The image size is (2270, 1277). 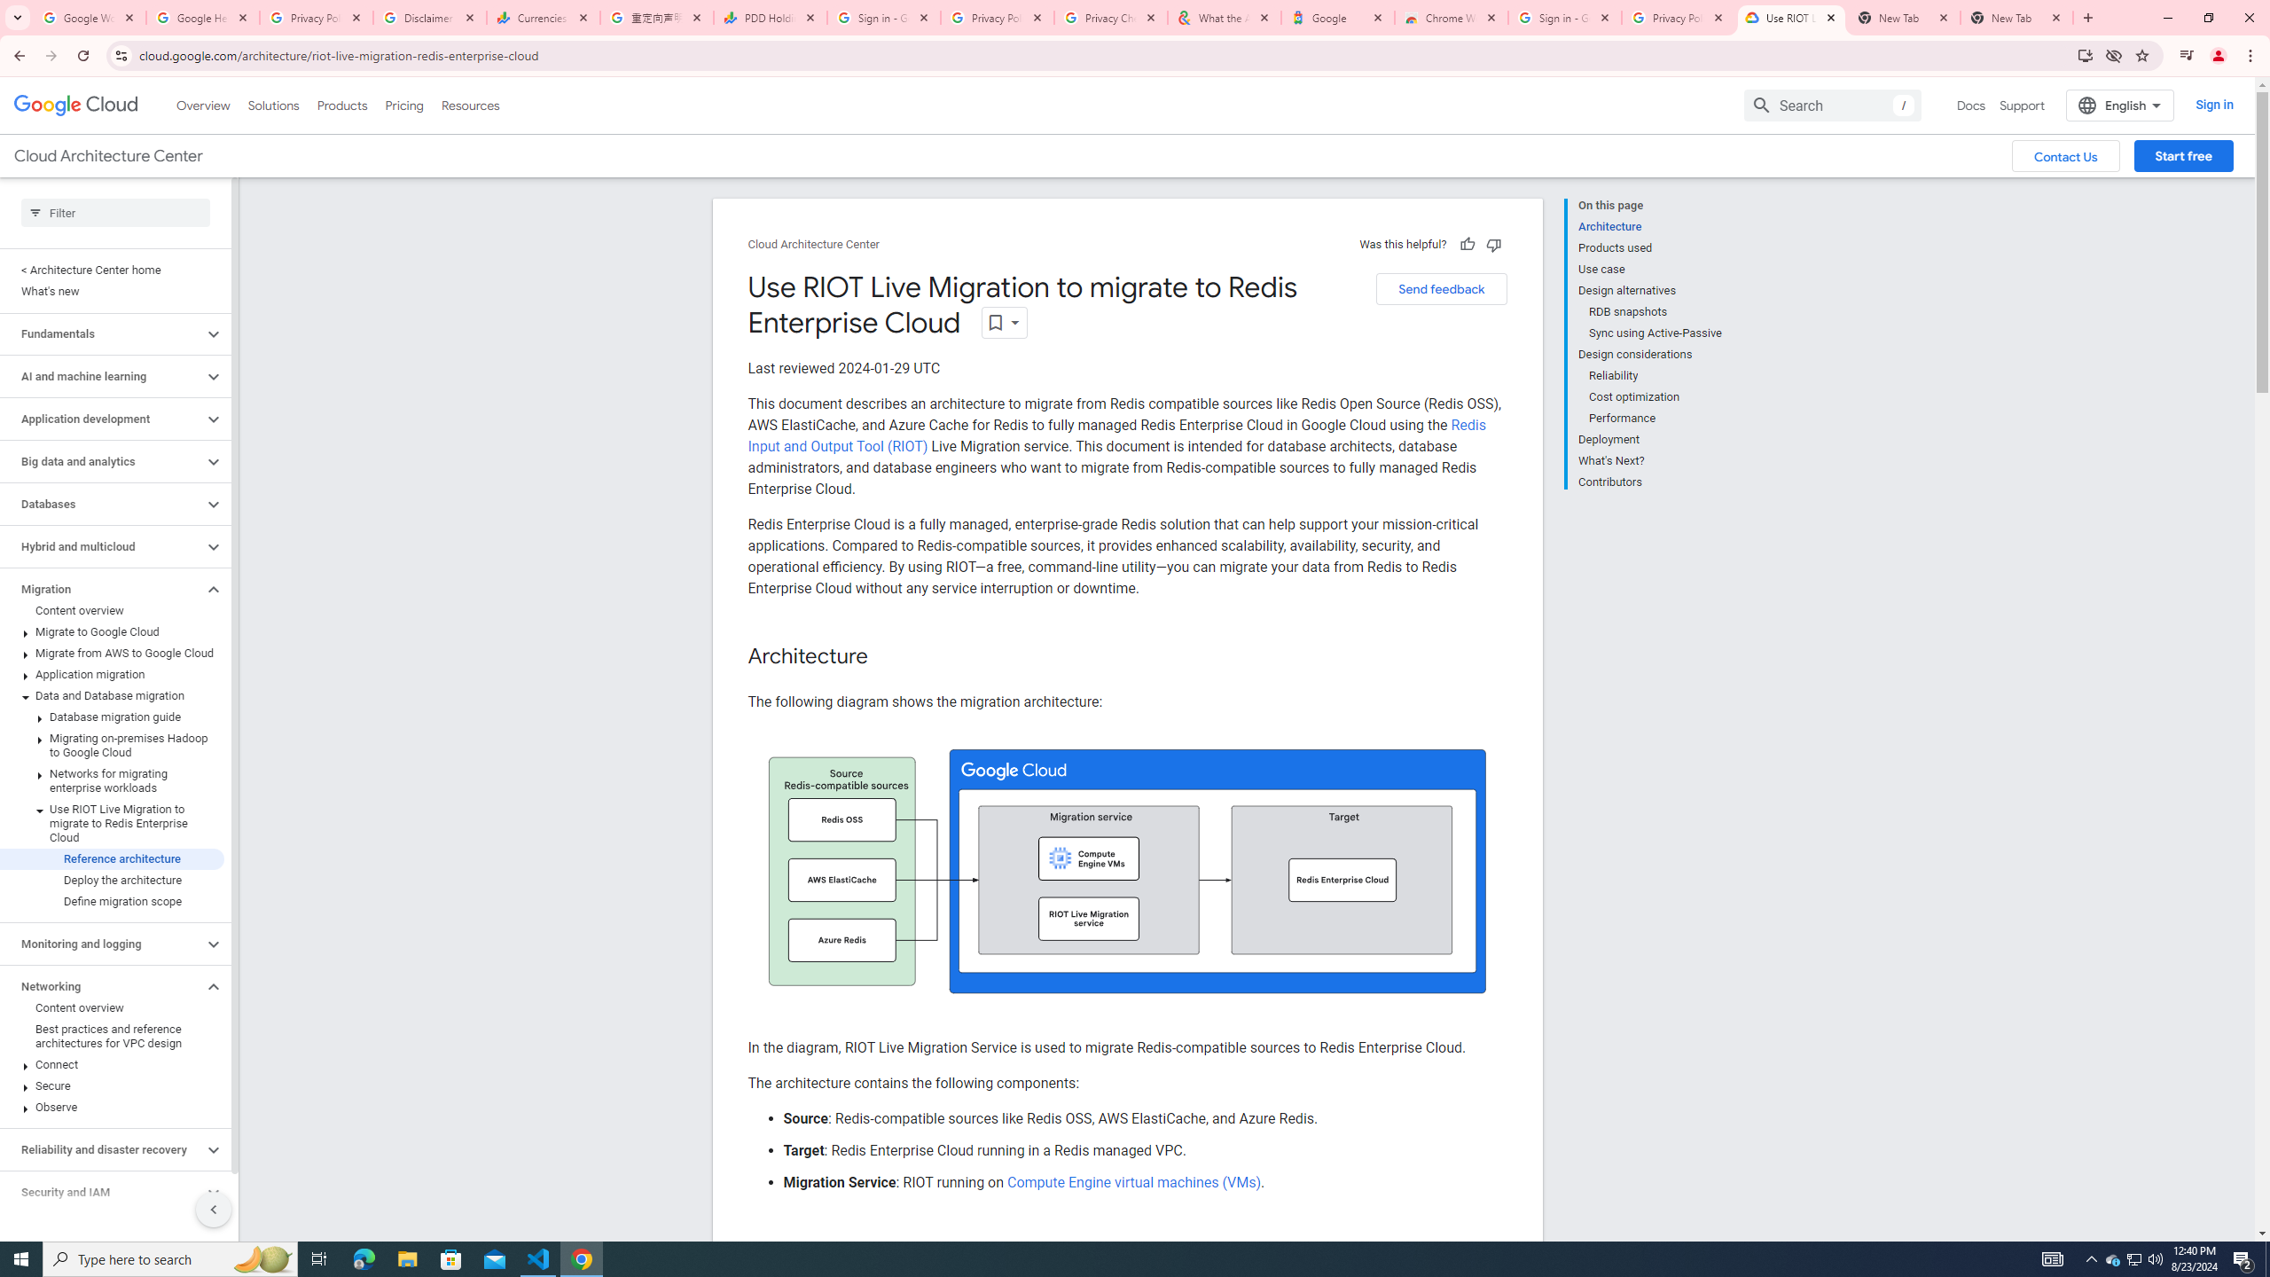 What do you see at coordinates (543, 17) in the screenshot?
I see `'Currencies - Google Finance'` at bounding box center [543, 17].